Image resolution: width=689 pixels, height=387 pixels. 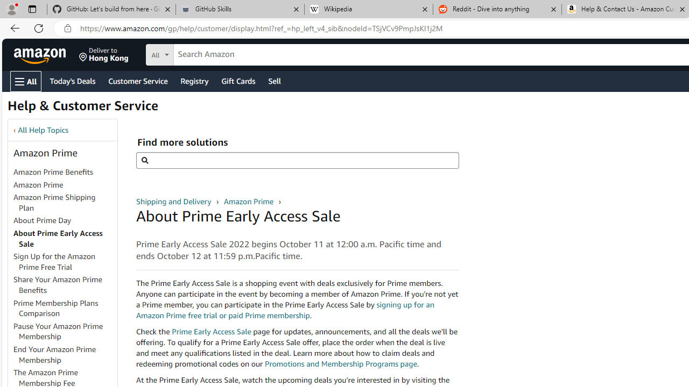 I want to click on 'Sign Up for the Amazon Prime Free Trial', so click(x=64, y=262).